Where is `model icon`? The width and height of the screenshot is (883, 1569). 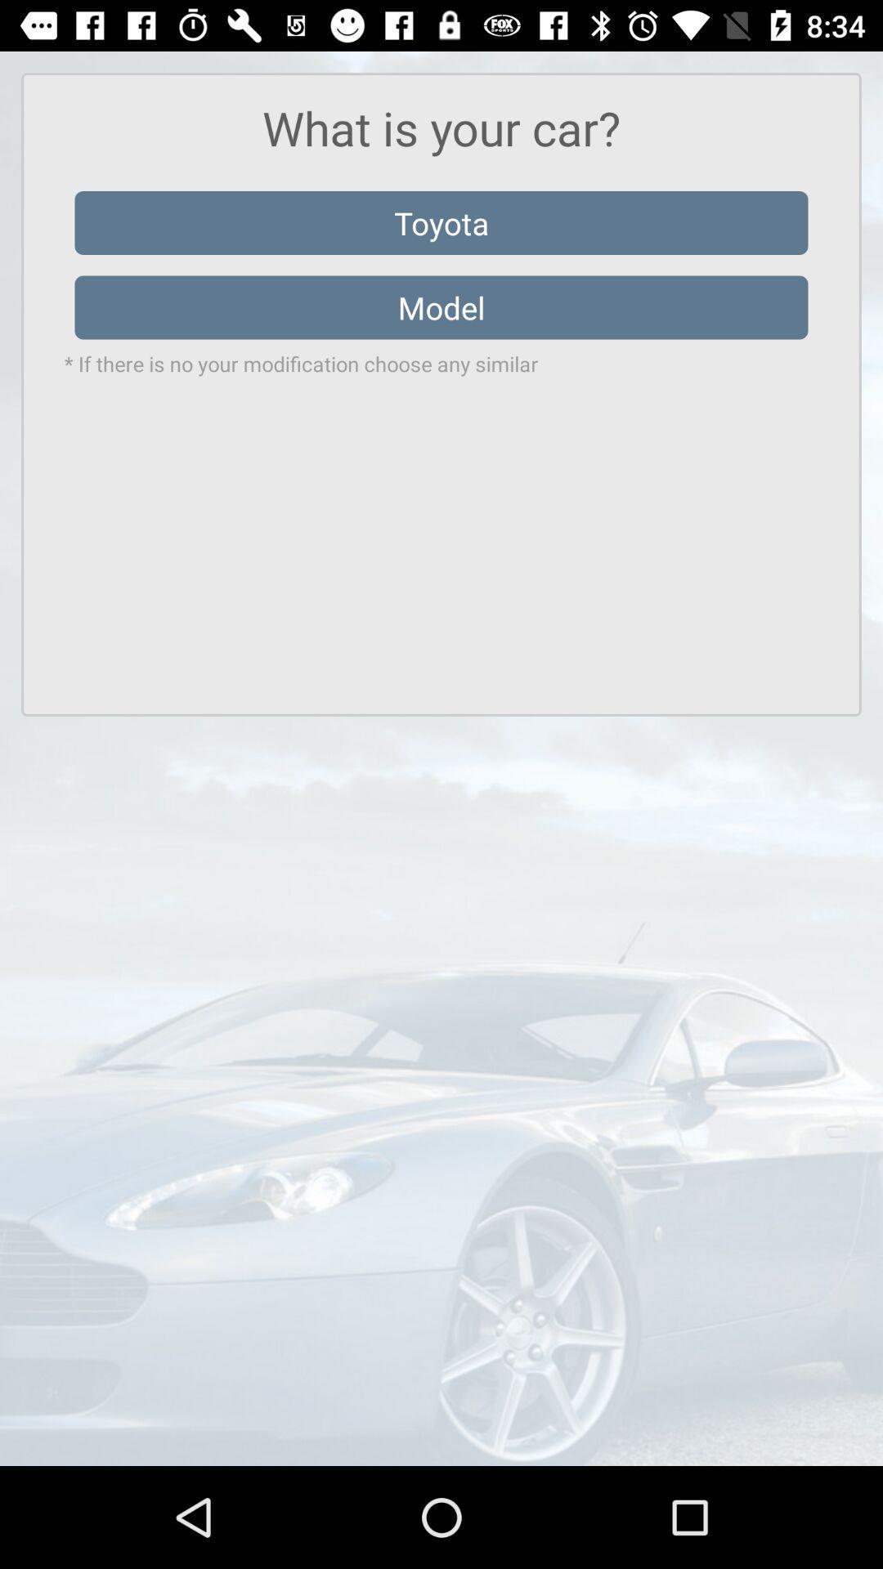 model icon is located at coordinates (441, 307).